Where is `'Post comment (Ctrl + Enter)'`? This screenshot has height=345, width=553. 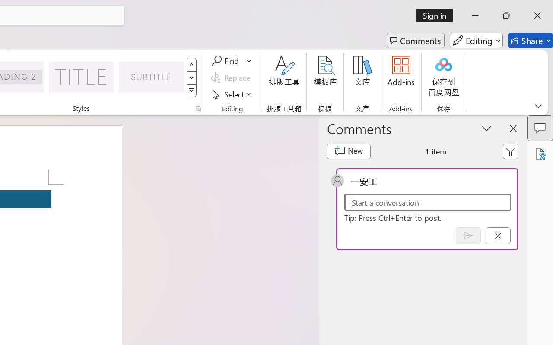 'Post comment (Ctrl + Enter)' is located at coordinates (468, 235).